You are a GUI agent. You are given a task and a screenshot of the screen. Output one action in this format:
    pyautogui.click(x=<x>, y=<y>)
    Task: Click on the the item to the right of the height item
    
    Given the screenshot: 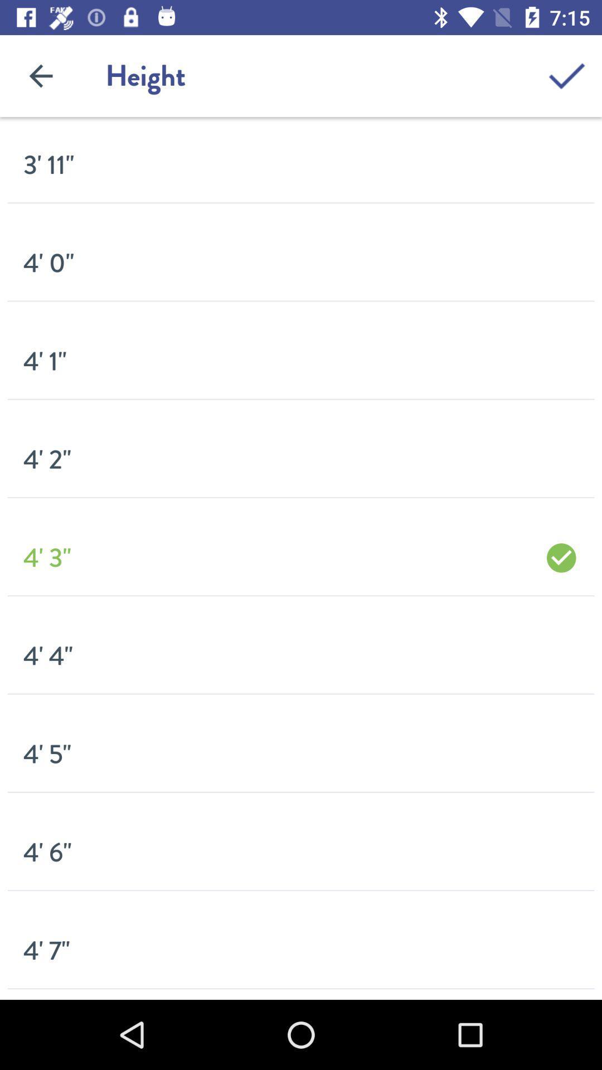 What is the action you would take?
    pyautogui.click(x=567, y=75)
    